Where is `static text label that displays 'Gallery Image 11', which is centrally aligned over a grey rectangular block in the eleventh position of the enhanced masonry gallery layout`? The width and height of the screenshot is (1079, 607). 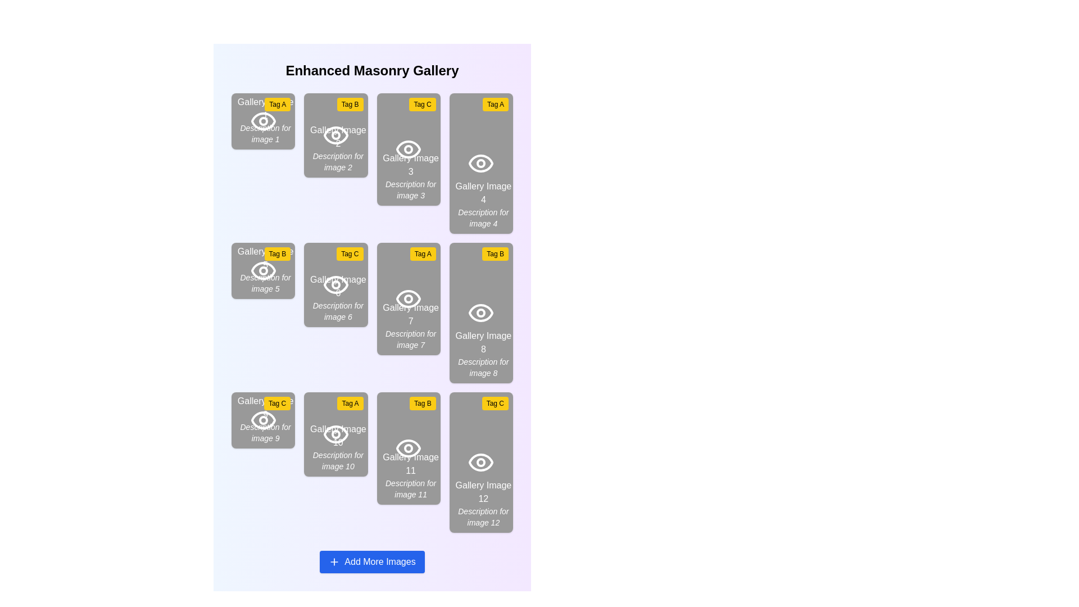 static text label that displays 'Gallery Image 11', which is centrally aligned over a grey rectangular block in the eleventh position of the enhanced masonry gallery layout is located at coordinates (410, 464).